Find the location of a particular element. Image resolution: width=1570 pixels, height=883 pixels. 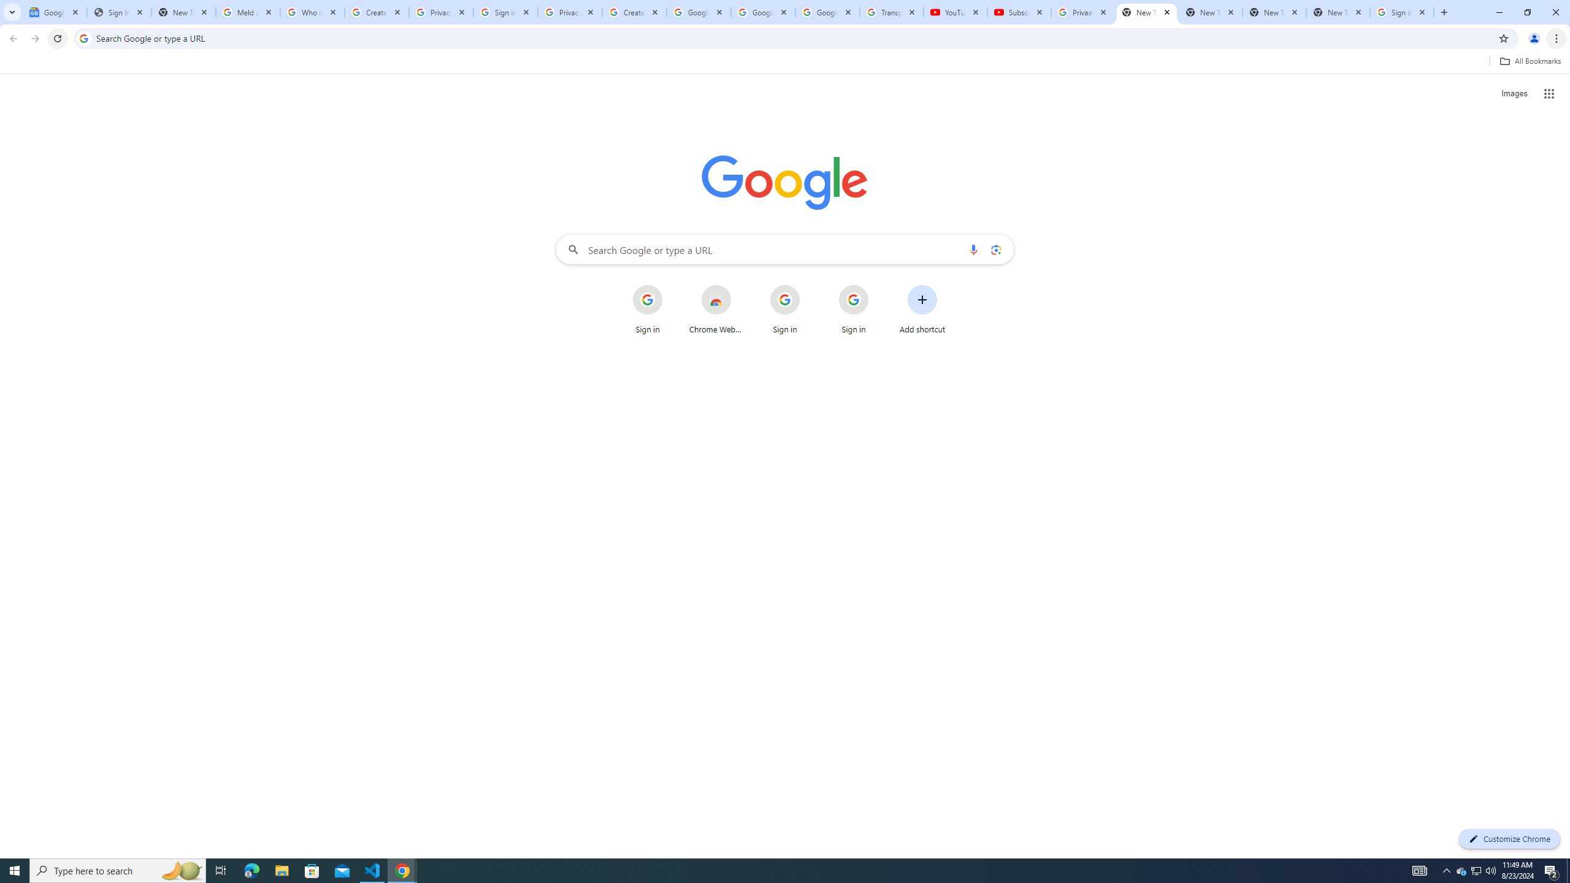

'Google Account' is located at coordinates (827, 12).